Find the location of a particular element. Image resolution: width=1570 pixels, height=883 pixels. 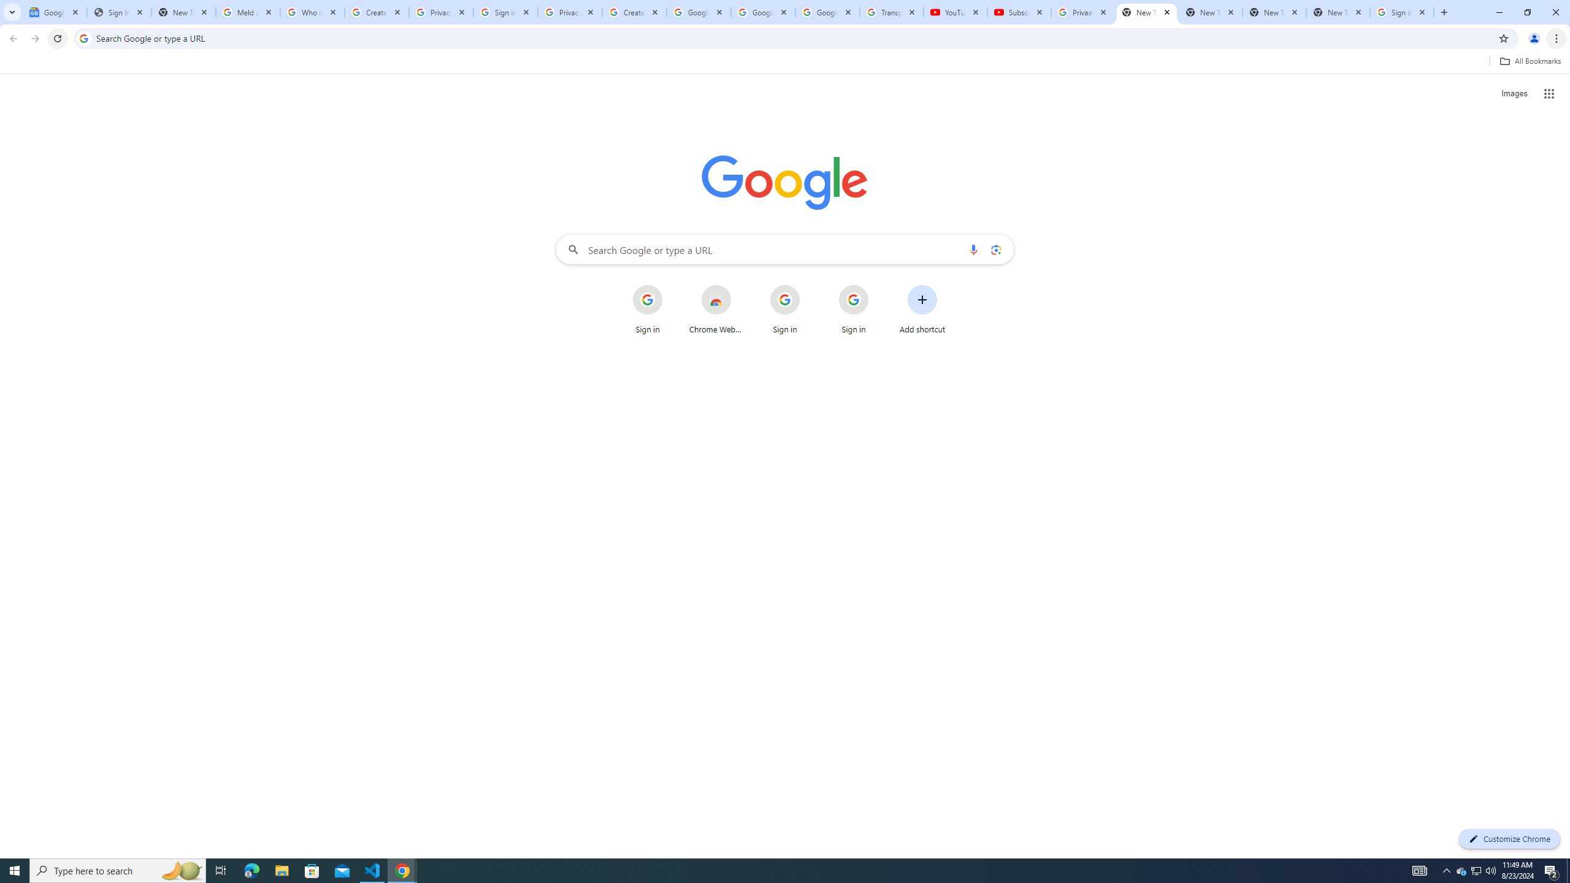

'Google Account' is located at coordinates (827, 12).